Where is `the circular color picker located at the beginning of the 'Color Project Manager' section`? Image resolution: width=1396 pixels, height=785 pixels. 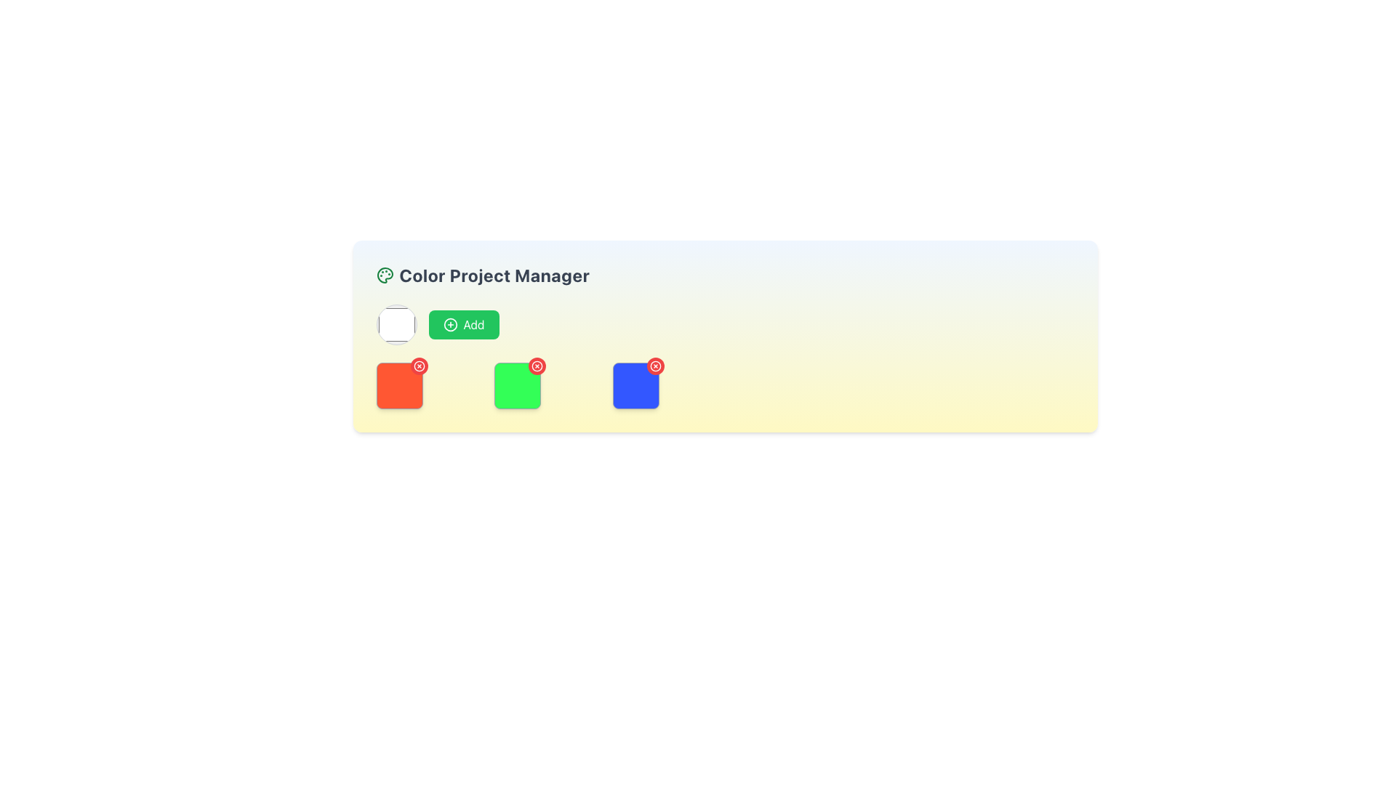 the circular color picker located at the beginning of the 'Color Project Manager' section is located at coordinates (396, 324).